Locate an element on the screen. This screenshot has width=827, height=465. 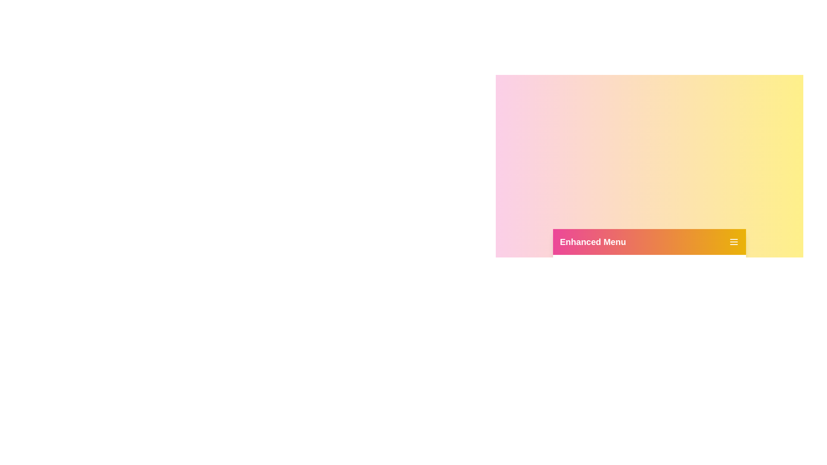
the menu button to toggle the menu visibility is located at coordinates (734, 242).